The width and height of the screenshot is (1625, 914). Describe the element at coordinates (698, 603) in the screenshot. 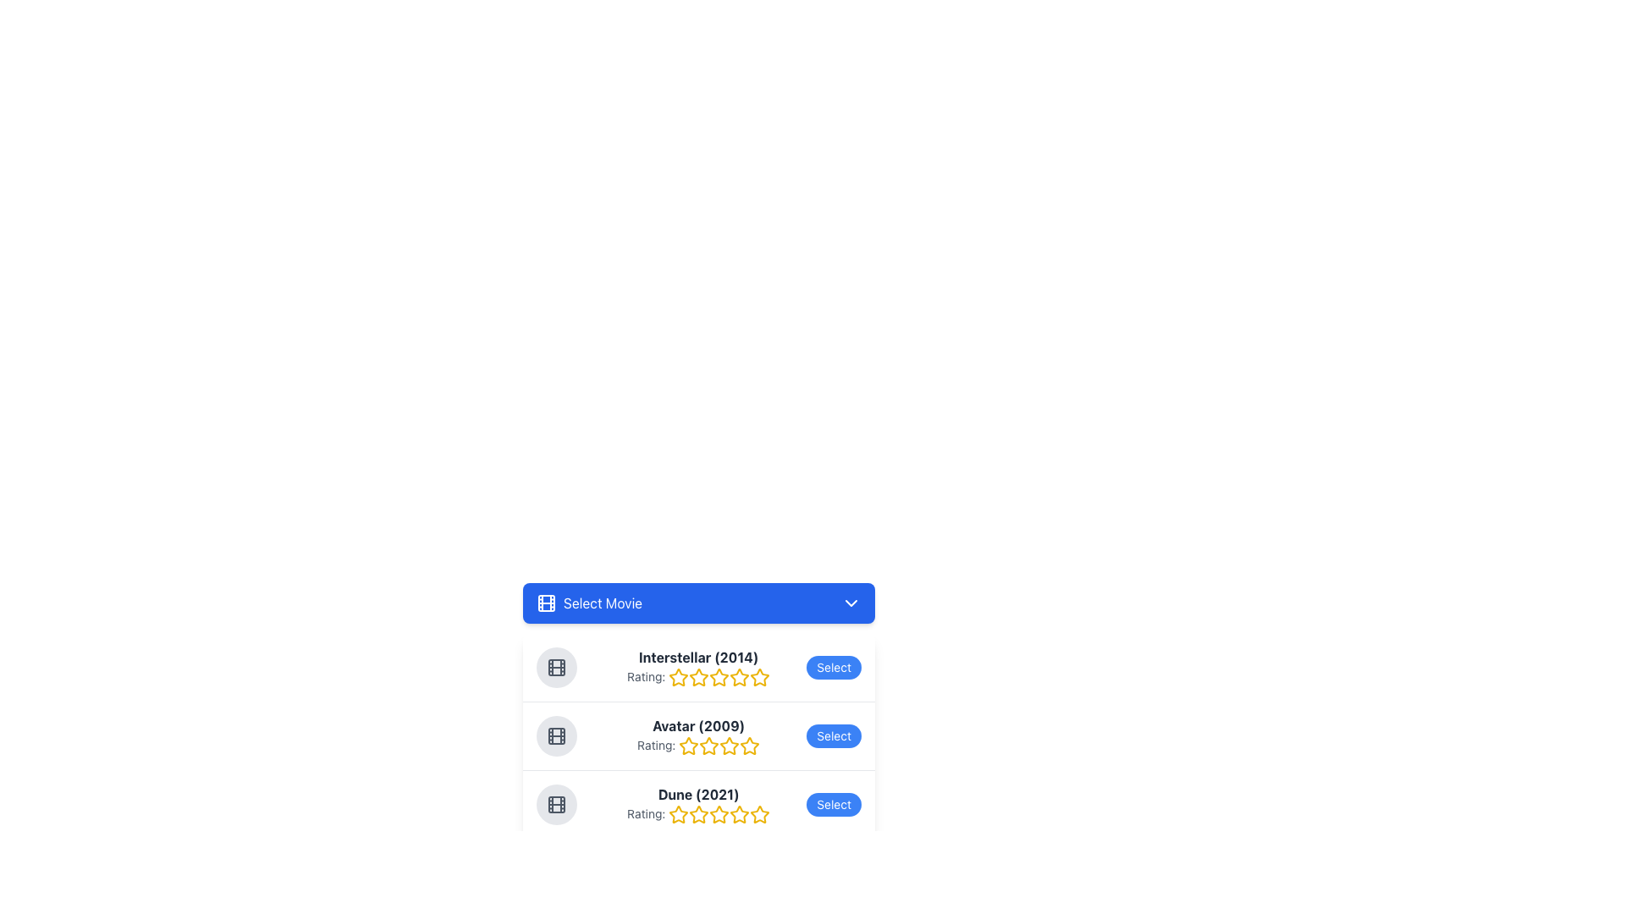

I see `the blue rectangular button labeled 'Select Movie' with icons` at that location.